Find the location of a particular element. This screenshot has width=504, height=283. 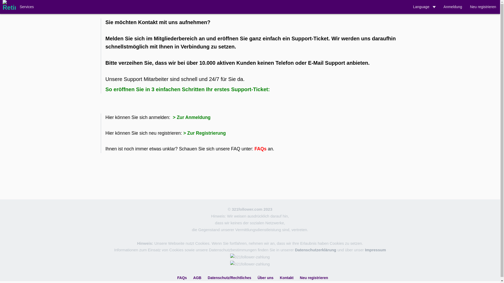

'Kontakt' is located at coordinates (286, 277).